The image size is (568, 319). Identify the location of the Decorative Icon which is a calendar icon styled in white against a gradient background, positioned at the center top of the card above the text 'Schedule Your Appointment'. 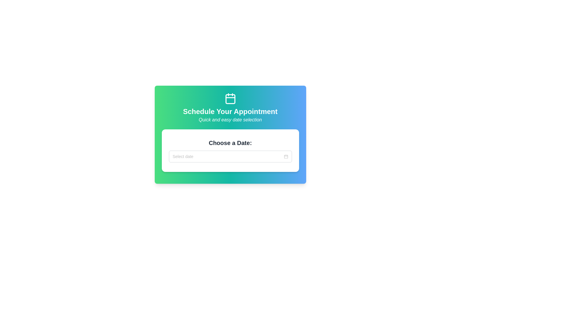
(230, 98).